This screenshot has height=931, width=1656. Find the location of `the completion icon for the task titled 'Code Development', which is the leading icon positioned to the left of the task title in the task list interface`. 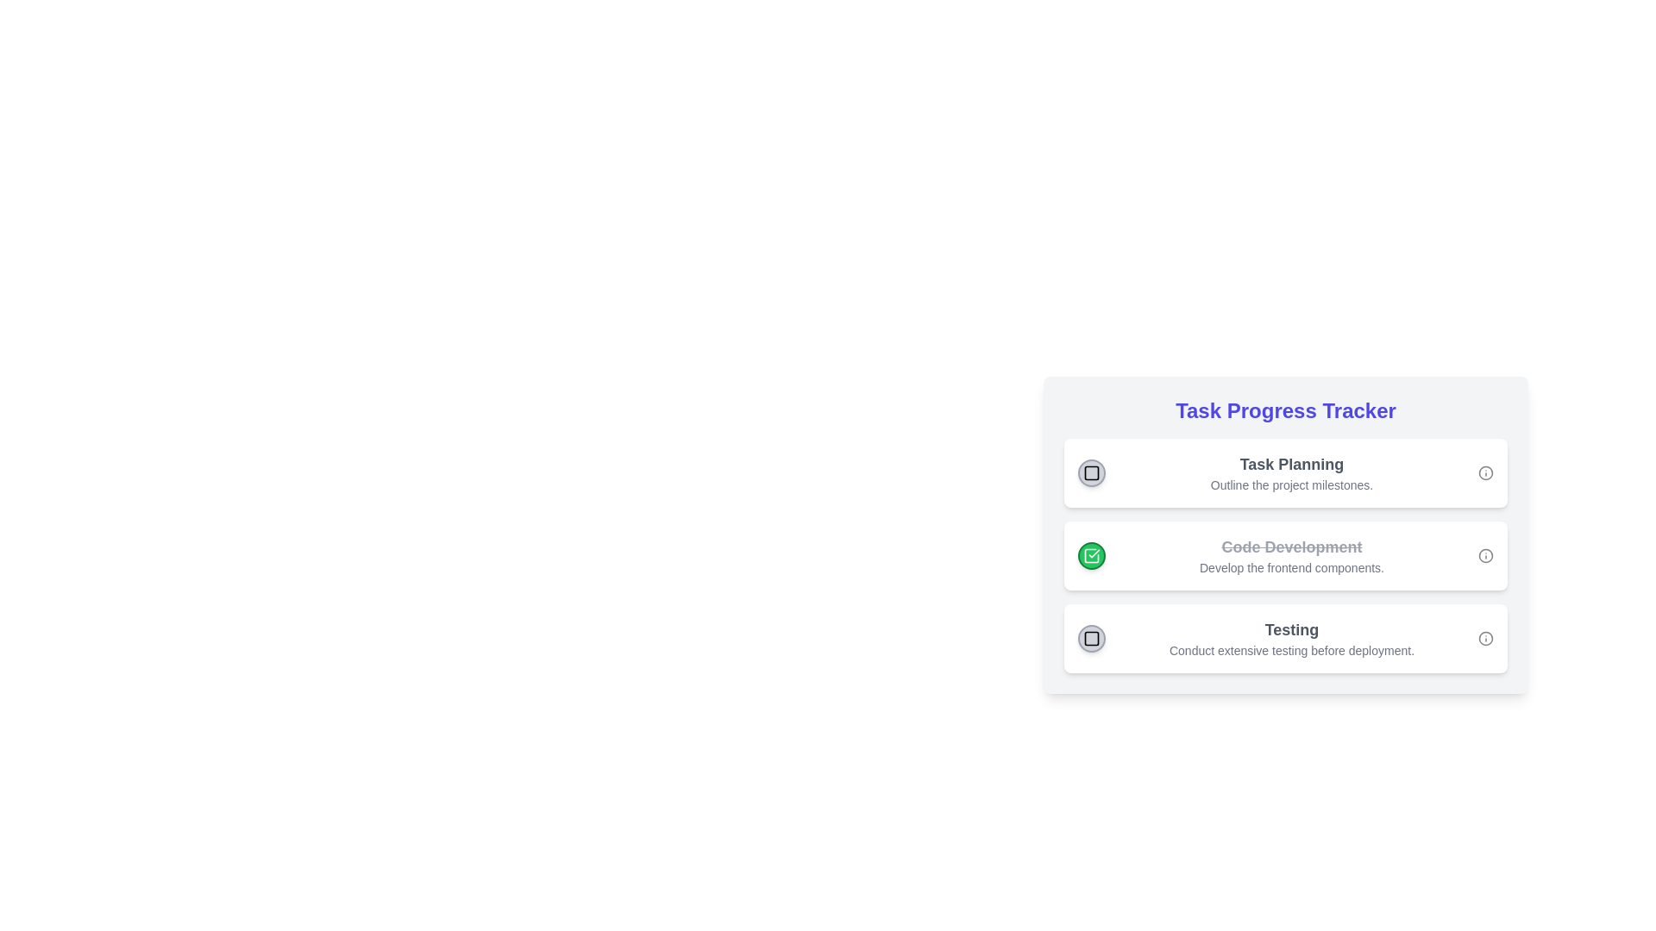

the completion icon for the task titled 'Code Development', which is the leading icon positioned to the left of the task title in the task list interface is located at coordinates (1091, 555).